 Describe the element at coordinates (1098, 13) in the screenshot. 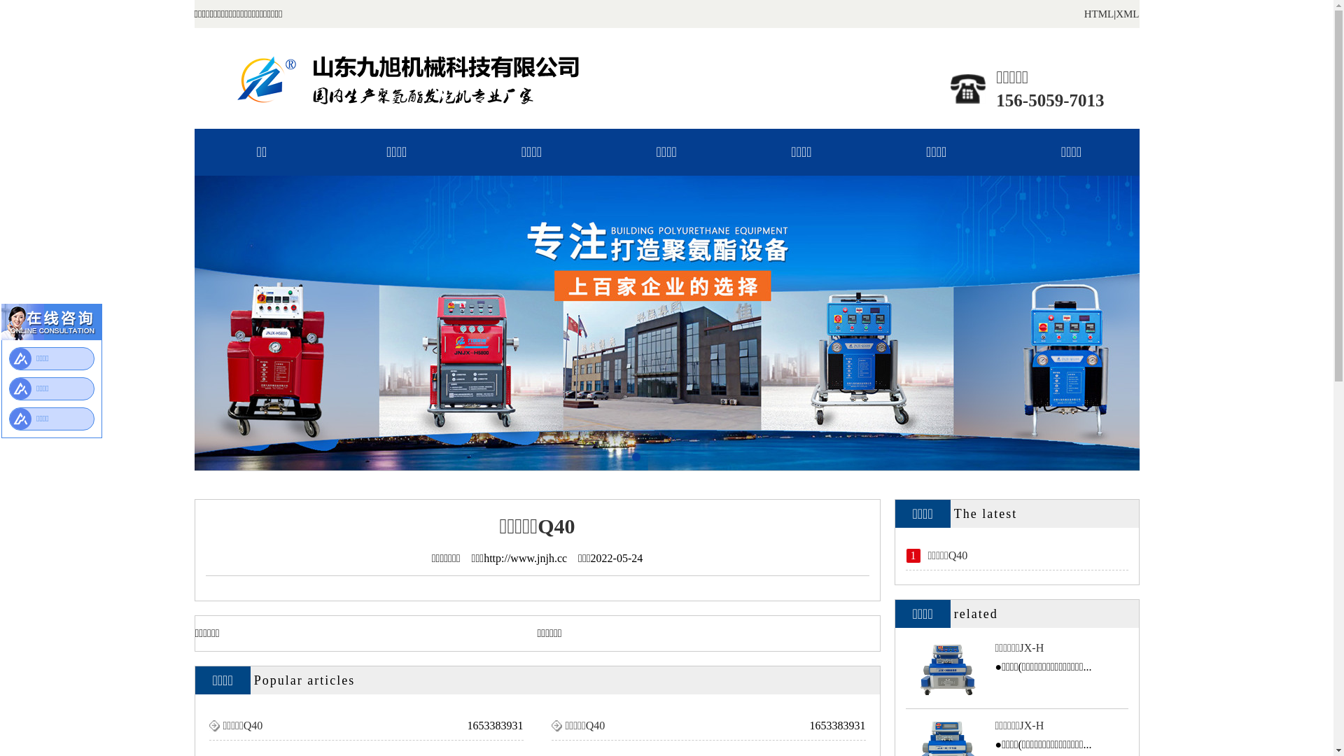

I see `'HTML'` at that location.